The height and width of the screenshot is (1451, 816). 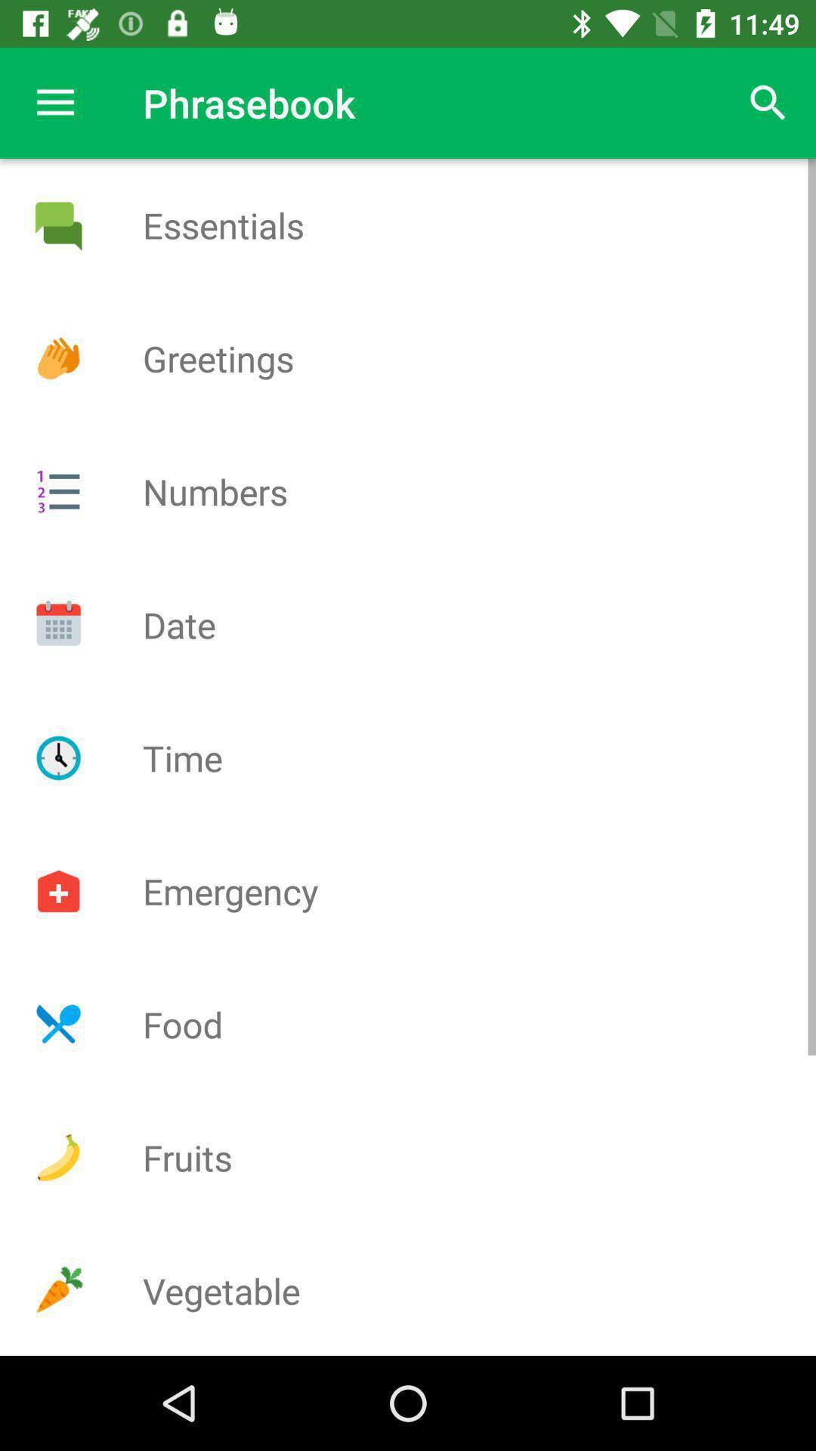 What do you see at coordinates (57, 224) in the screenshot?
I see `e` at bounding box center [57, 224].